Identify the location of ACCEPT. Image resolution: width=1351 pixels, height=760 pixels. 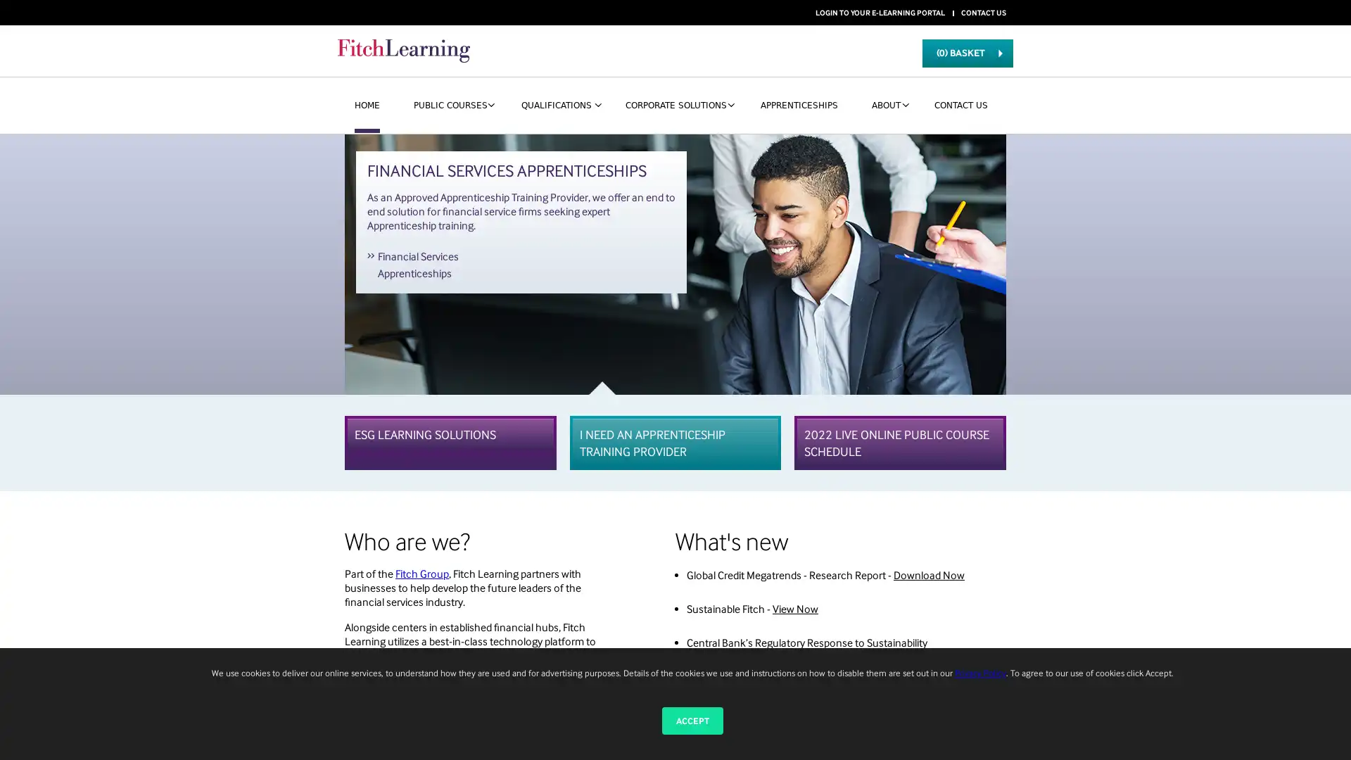
(692, 721).